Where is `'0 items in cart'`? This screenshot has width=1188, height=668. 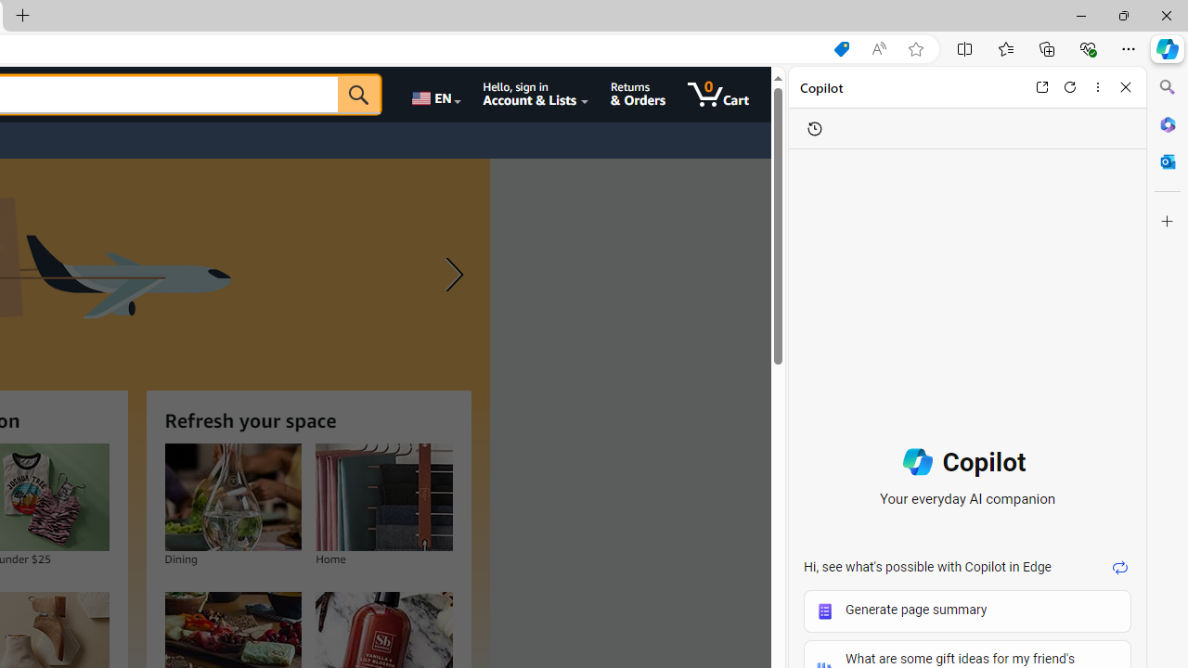
'0 items in cart' is located at coordinates (717, 94).